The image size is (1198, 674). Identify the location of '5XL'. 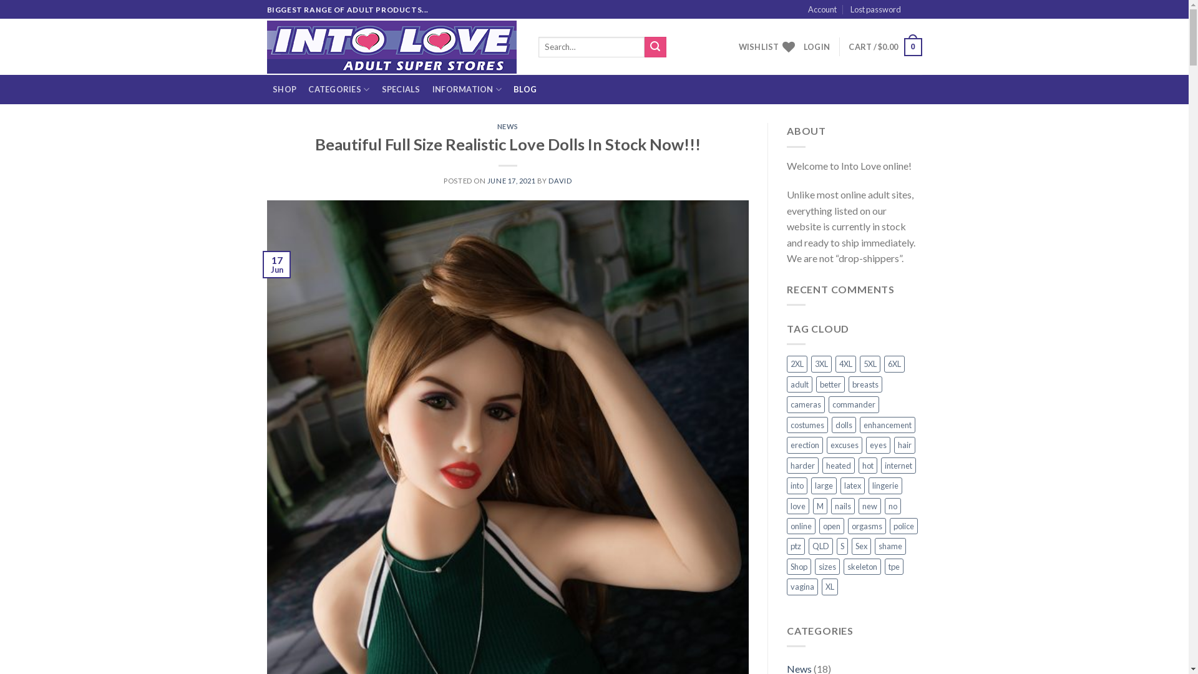
(869, 363).